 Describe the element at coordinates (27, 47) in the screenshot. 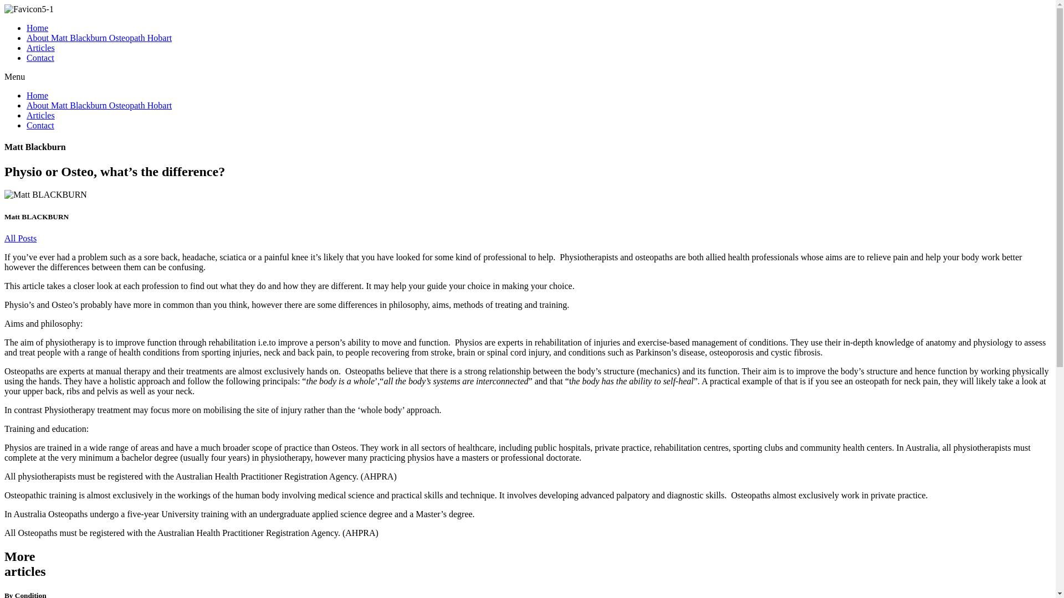

I see `'Articles'` at that location.